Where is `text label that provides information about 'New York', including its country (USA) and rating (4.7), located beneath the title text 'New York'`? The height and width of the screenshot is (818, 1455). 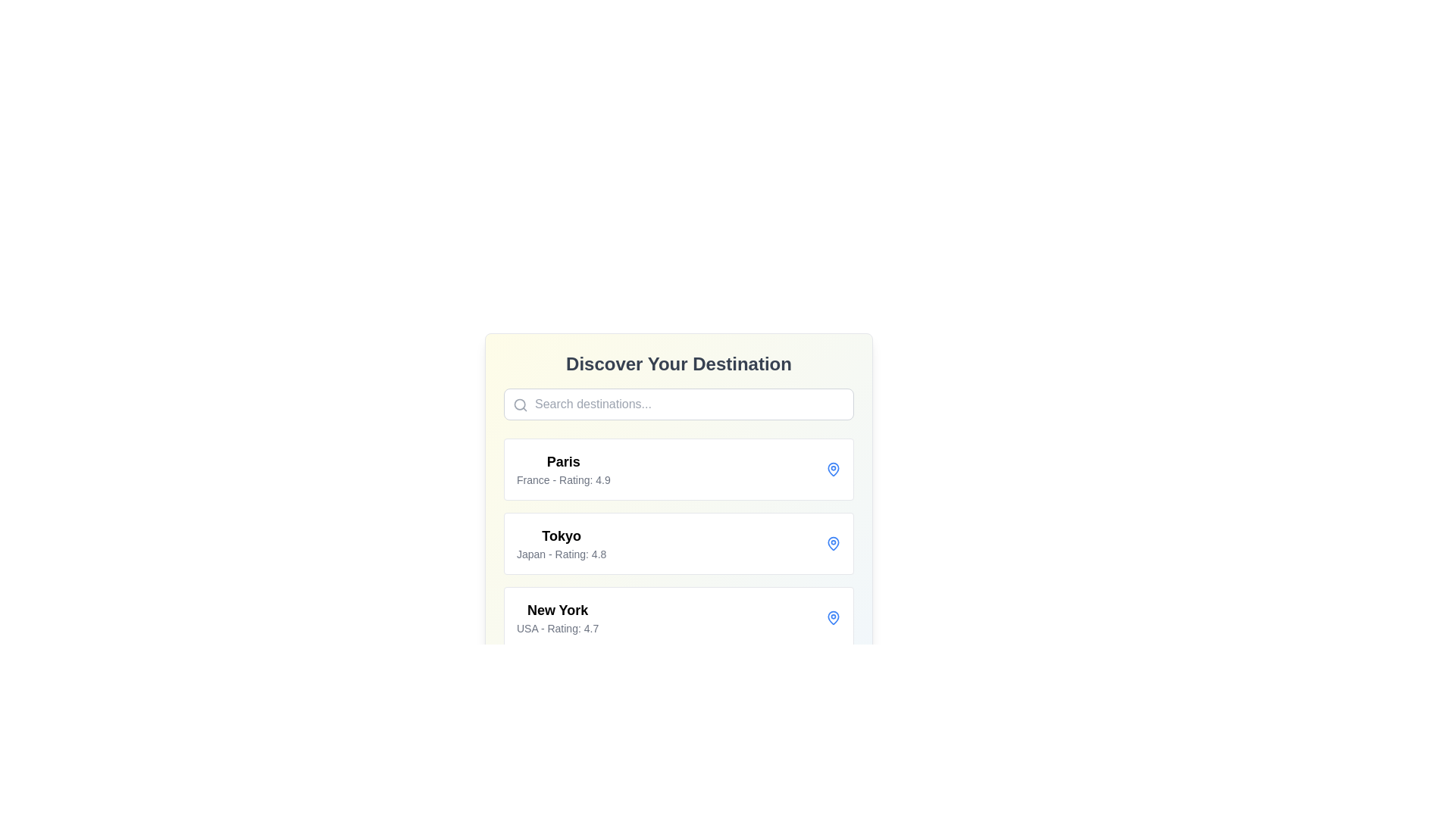 text label that provides information about 'New York', including its country (USA) and rating (4.7), located beneath the title text 'New York' is located at coordinates (557, 628).